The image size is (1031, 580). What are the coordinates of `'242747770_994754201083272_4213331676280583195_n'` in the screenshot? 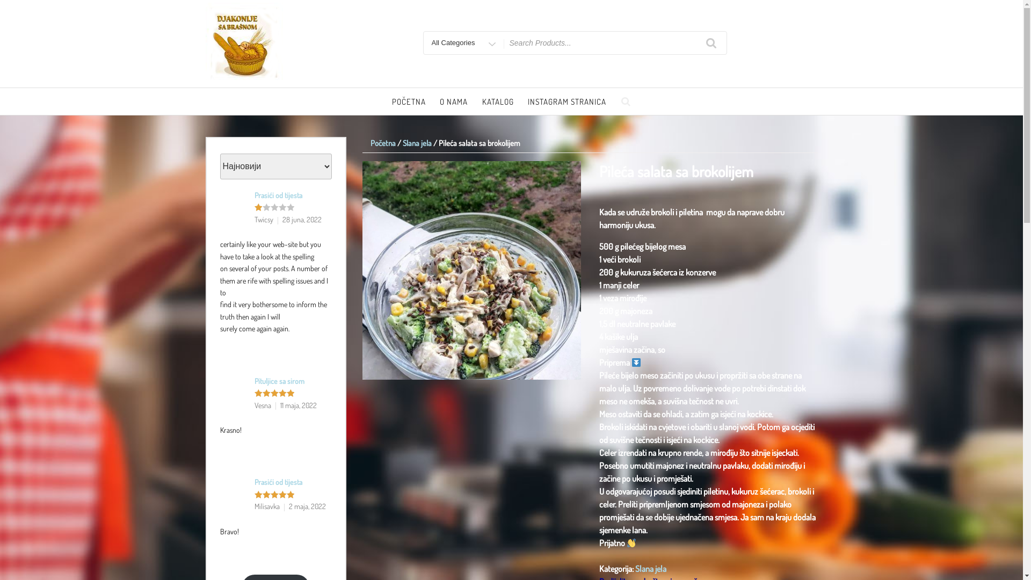 It's located at (471, 270).